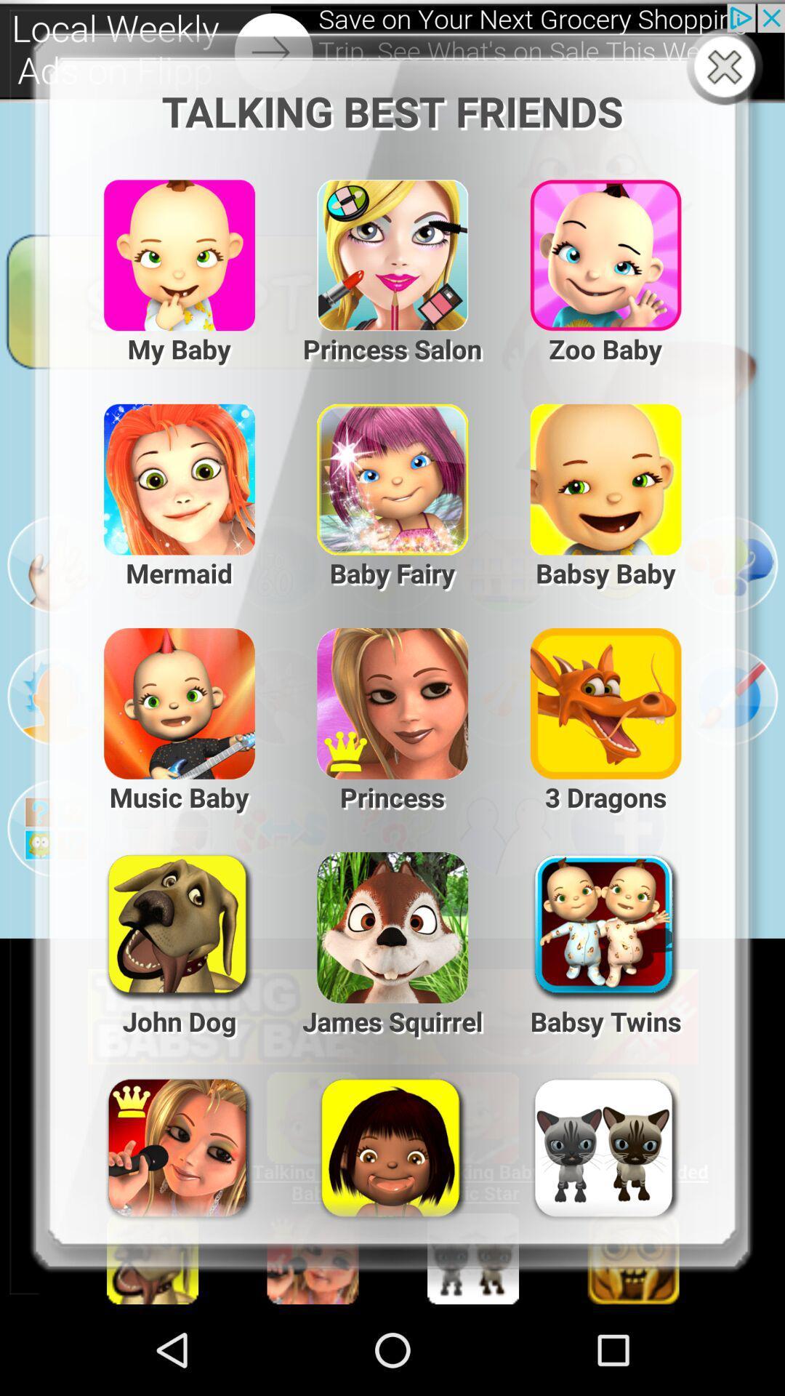 Image resolution: width=785 pixels, height=1396 pixels. Describe the element at coordinates (728, 73) in the screenshot. I see `the close icon` at that location.